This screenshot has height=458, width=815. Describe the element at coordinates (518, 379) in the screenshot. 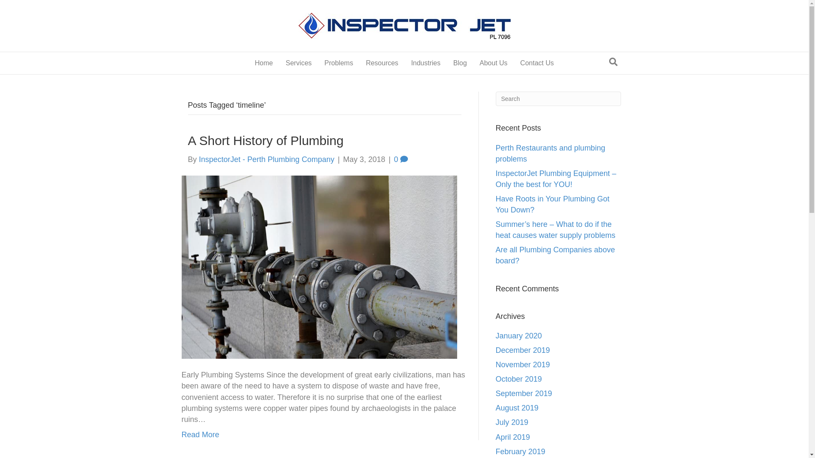

I see `'October 2019'` at that location.